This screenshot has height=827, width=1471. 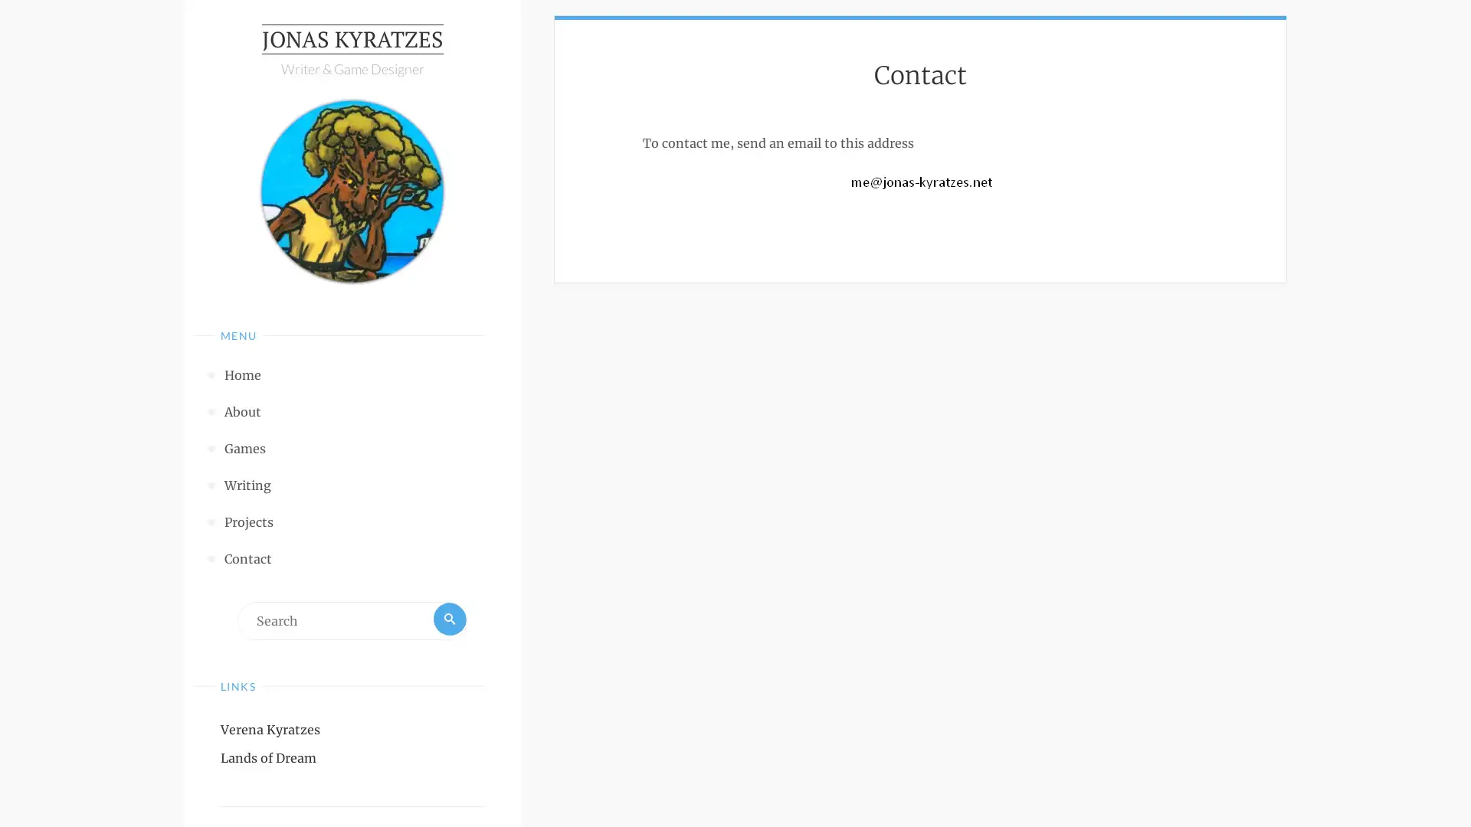 I want to click on Search, so click(x=447, y=623).